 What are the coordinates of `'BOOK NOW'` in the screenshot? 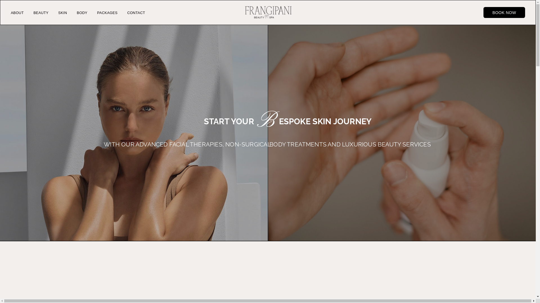 It's located at (504, 12).